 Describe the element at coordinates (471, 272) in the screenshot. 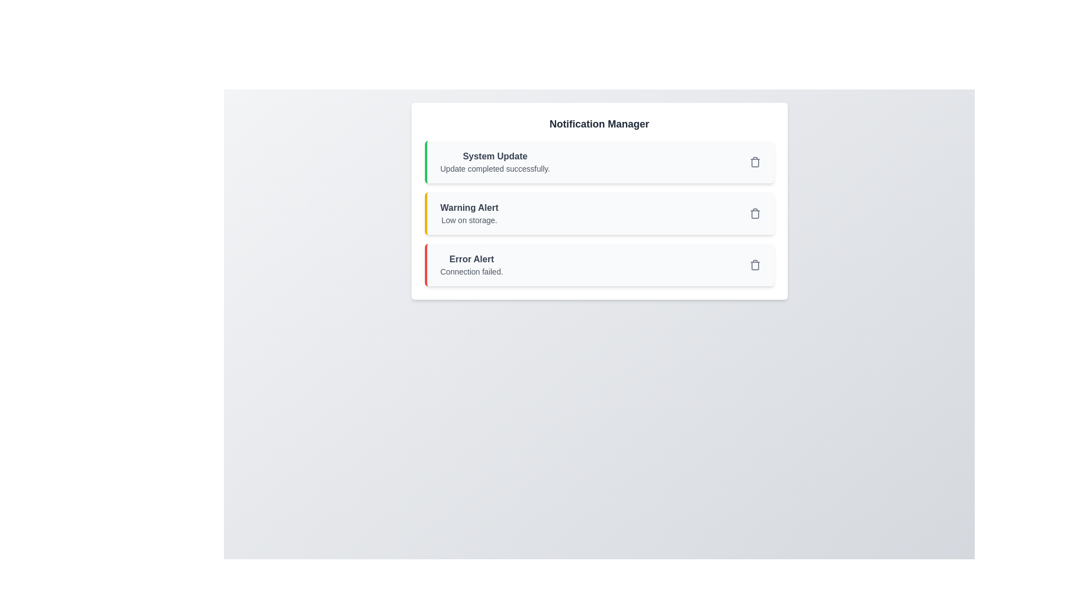

I see `the Text Label that displays a connection failure message within the 'Error Alert' notification card, located below the title 'Error Alert'` at that location.